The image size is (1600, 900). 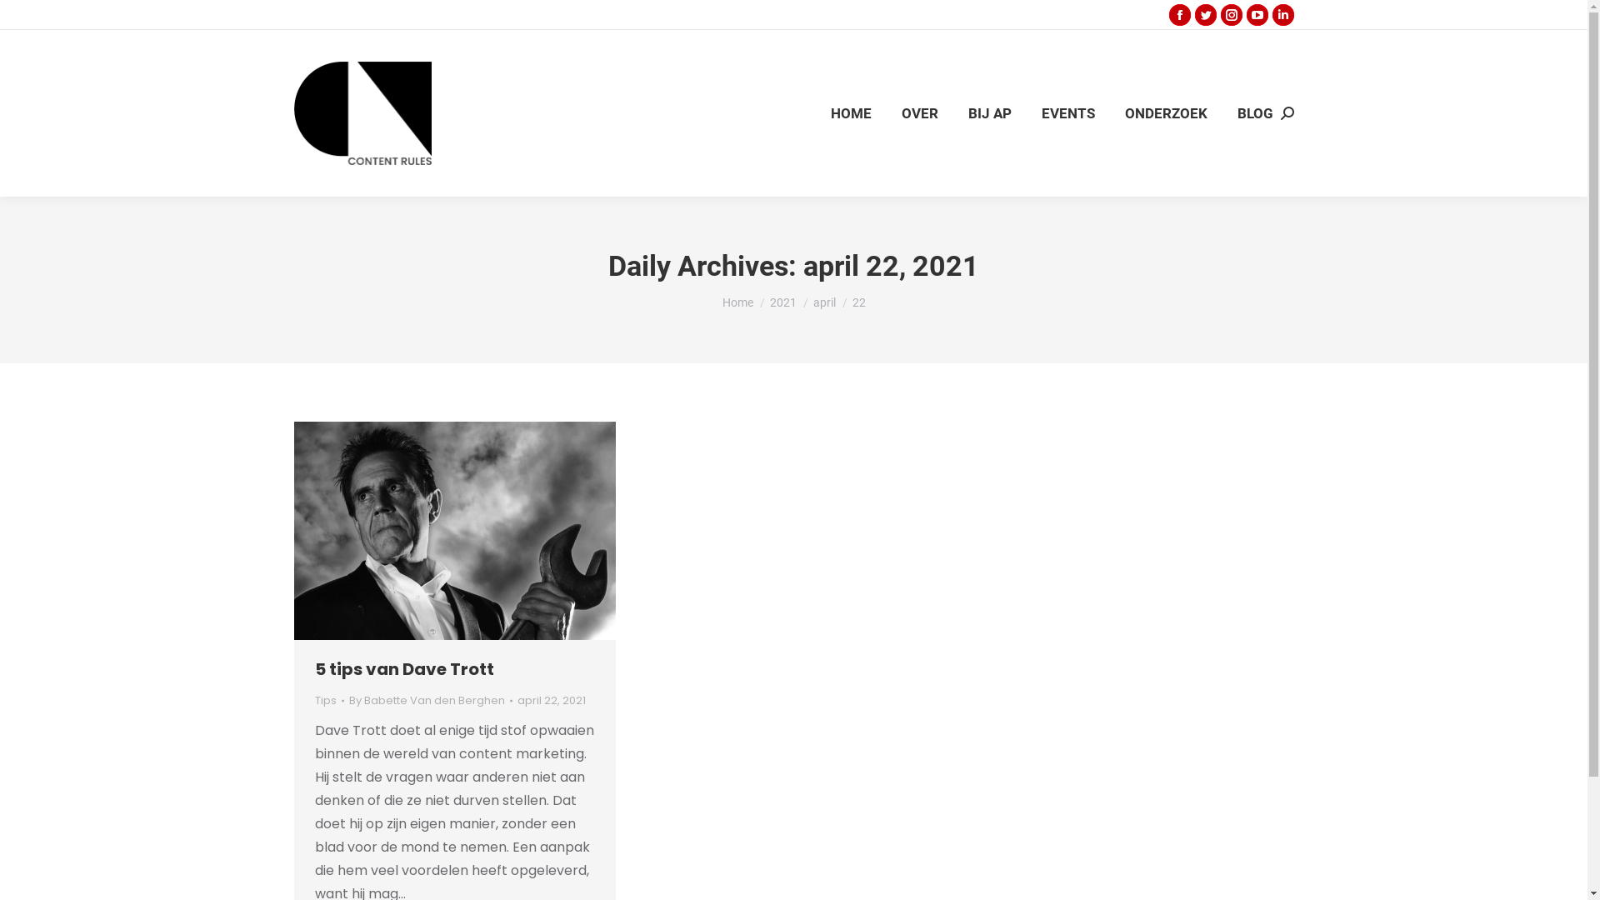 What do you see at coordinates (347, 700) in the screenshot?
I see `'By Babette Van den Berghen'` at bounding box center [347, 700].